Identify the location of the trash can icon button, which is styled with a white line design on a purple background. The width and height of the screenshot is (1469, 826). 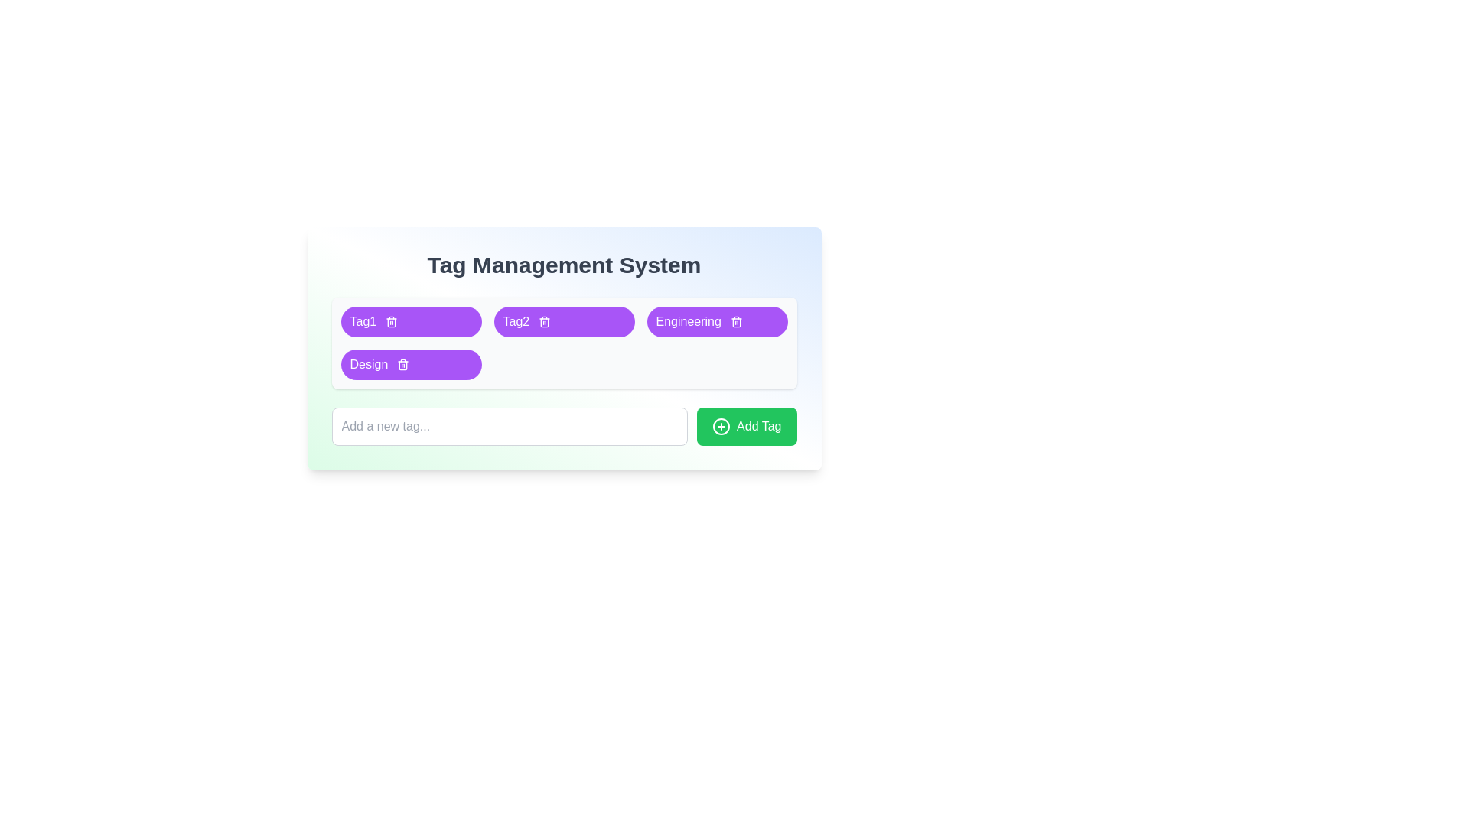
(403, 365).